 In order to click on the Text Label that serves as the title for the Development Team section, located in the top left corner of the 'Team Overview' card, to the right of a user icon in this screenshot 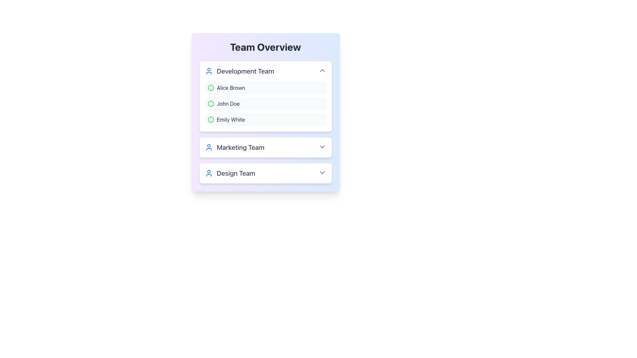, I will do `click(245, 71)`.